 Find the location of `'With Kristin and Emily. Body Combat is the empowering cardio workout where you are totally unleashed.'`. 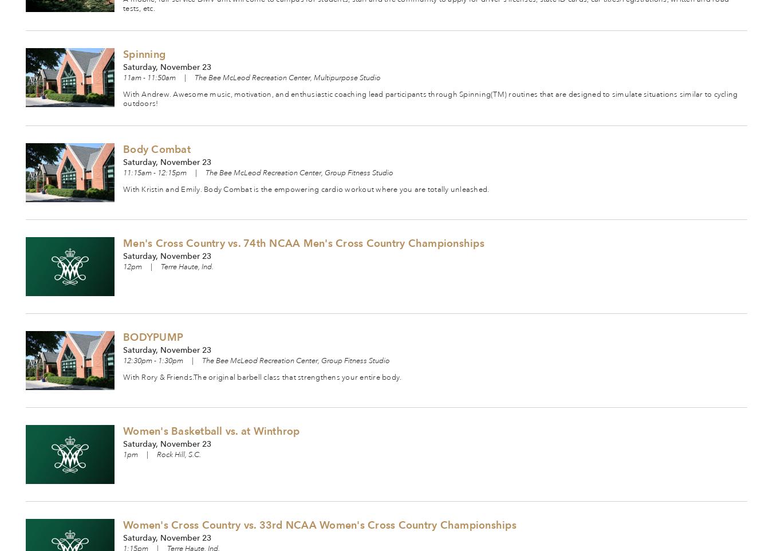

'With Kristin and Emily. Body Combat is the empowering cardio workout where you are totally unleashed.' is located at coordinates (305, 189).